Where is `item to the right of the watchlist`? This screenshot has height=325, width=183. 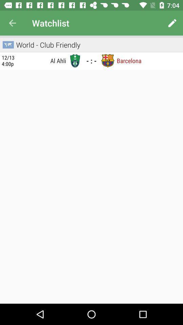
item to the right of the watchlist is located at coordinates (172, 23).